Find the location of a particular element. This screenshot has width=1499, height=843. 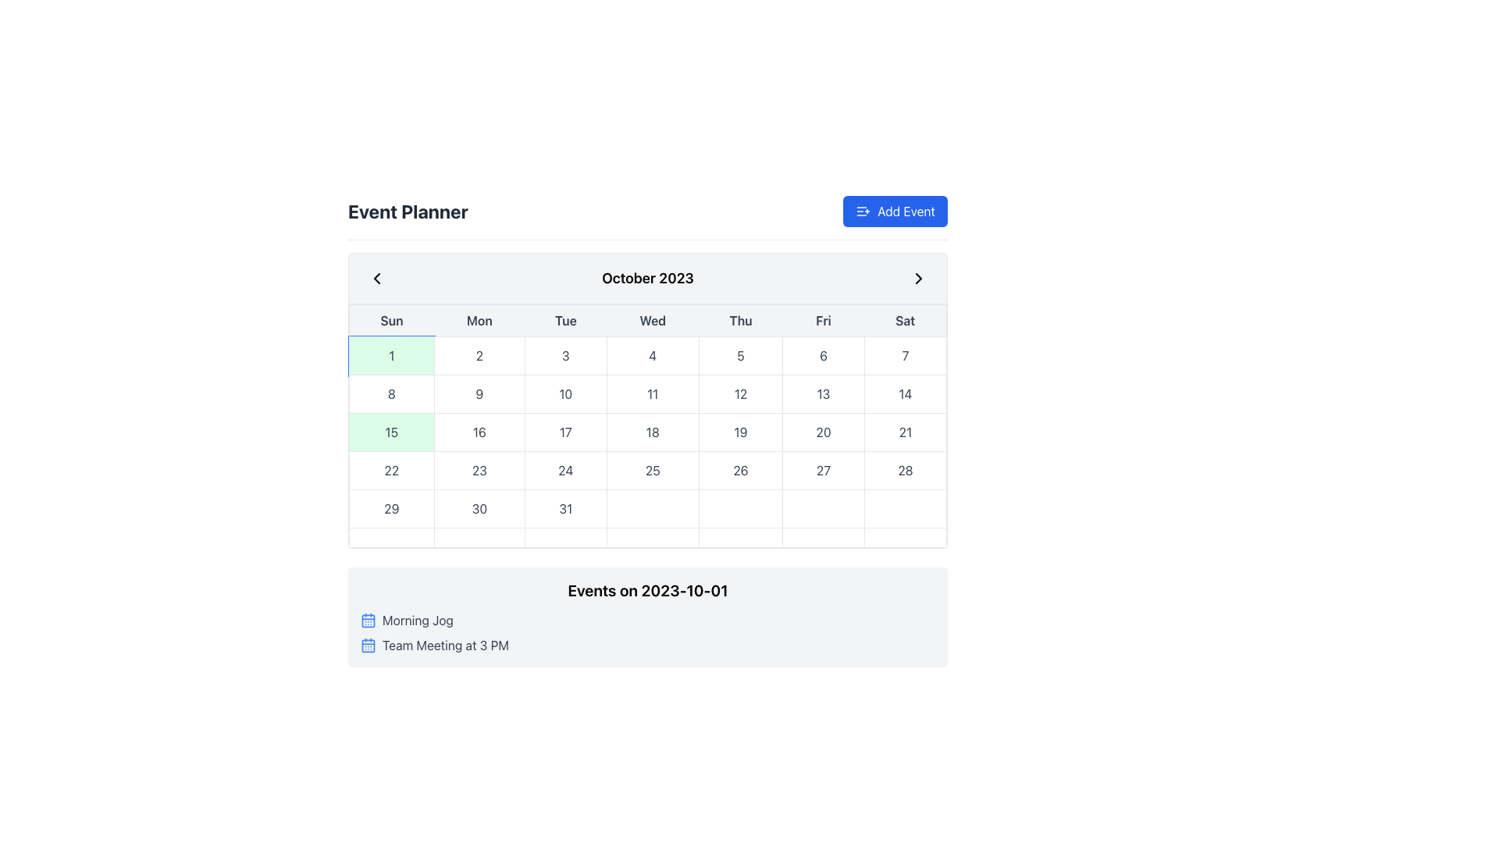

the day label indicating 'Thursday' in the calendar week display, which is the fifth item in the row of days is located at coordinates (740, 320).